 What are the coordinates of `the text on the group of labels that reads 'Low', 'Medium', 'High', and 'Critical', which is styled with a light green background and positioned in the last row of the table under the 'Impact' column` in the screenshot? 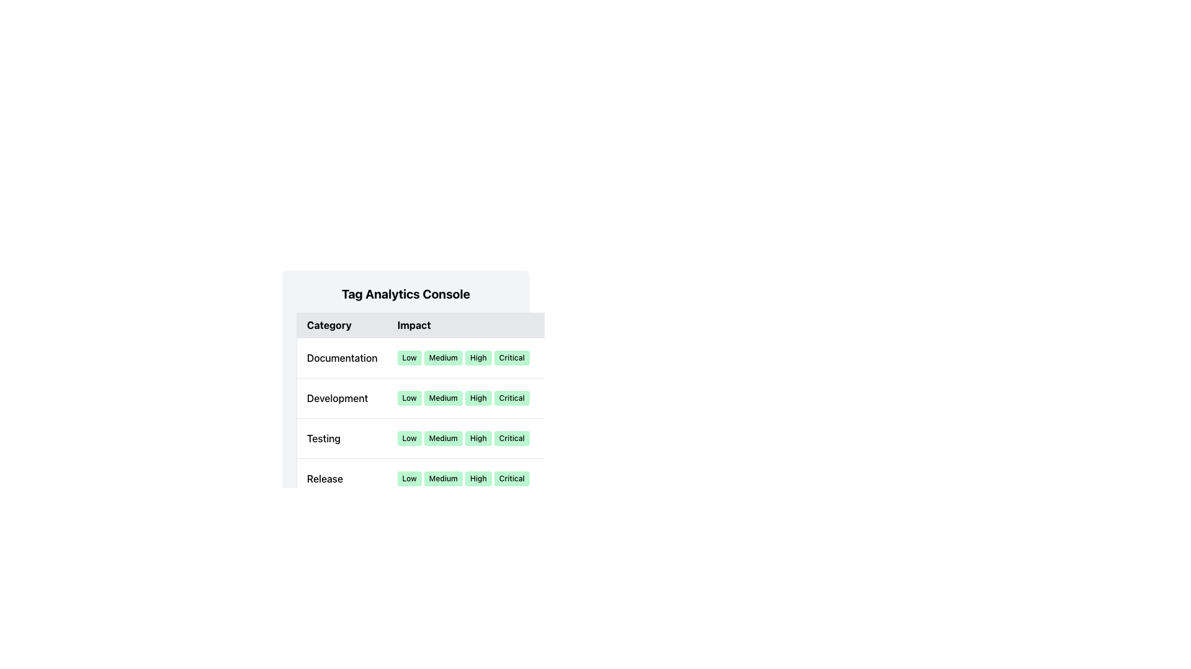 It's located at (463, 478).